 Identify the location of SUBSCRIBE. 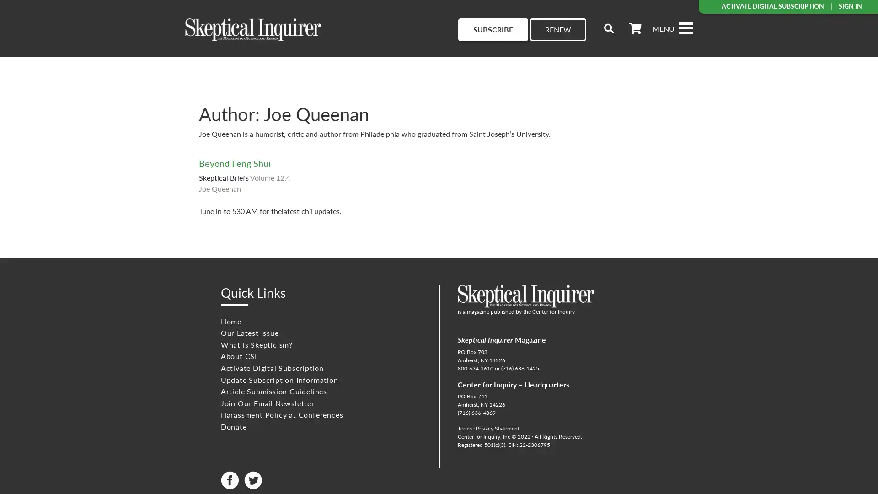
(493, 29).